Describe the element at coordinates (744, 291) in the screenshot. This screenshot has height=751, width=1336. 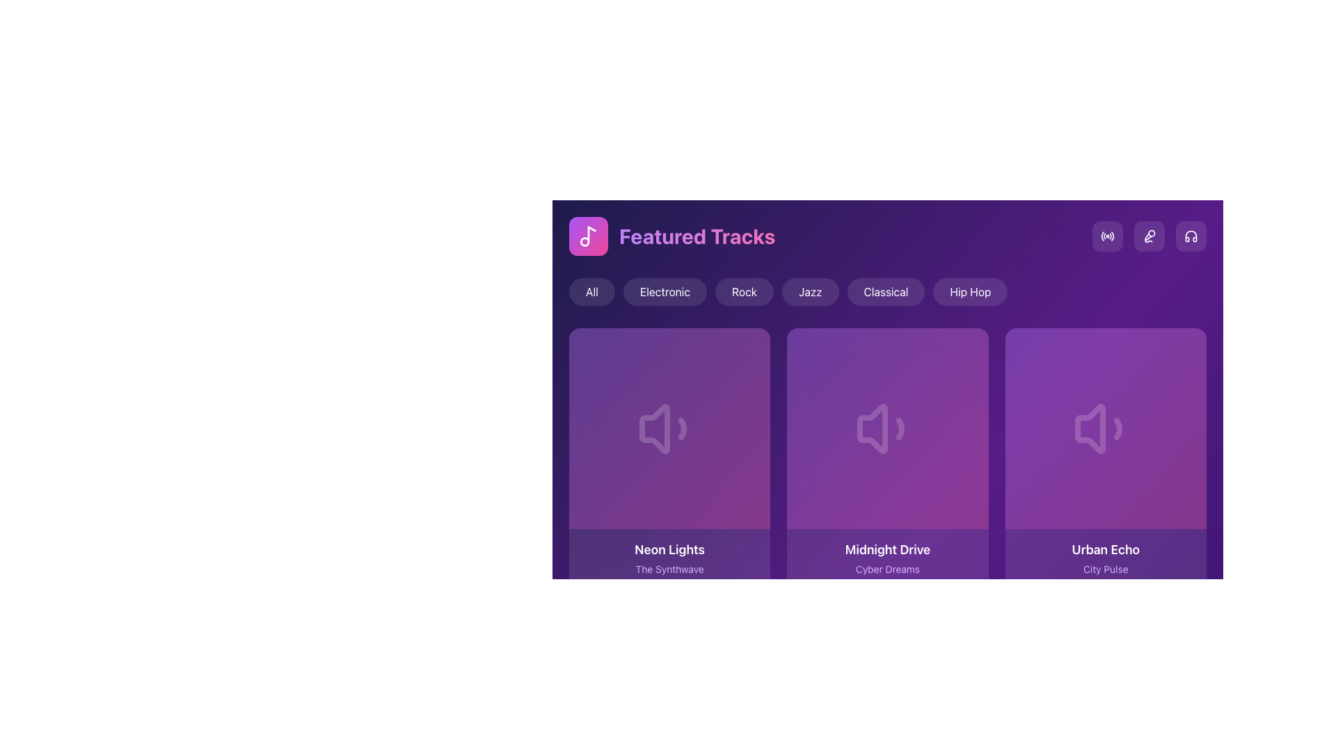
I see `the filter button for the 'Rock' category, which is the third button from the left in the top section of the interface, following the 'All' and 'Electronic' buttons` at that location.